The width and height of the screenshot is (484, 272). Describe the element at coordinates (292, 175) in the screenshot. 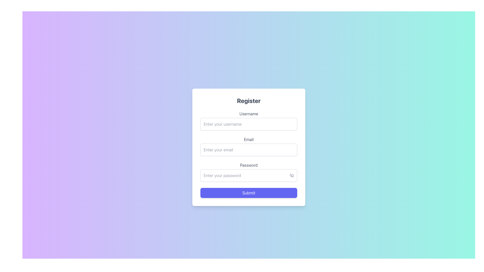

I see `the small eye icon with a strikethrough line, located at the far right of the password input field` at that location.